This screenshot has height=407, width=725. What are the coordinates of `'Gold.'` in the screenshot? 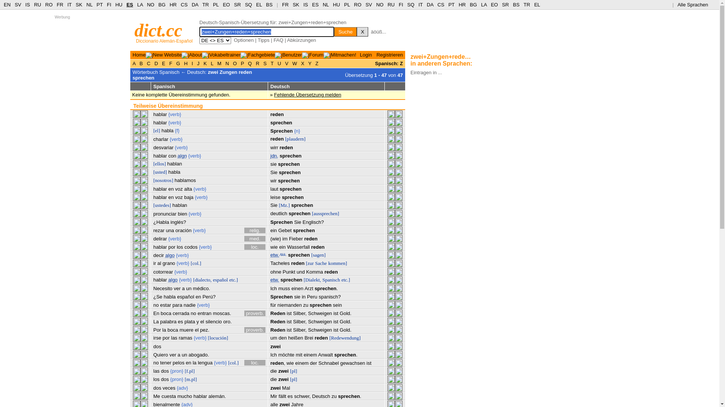 It's located at (345, 329).